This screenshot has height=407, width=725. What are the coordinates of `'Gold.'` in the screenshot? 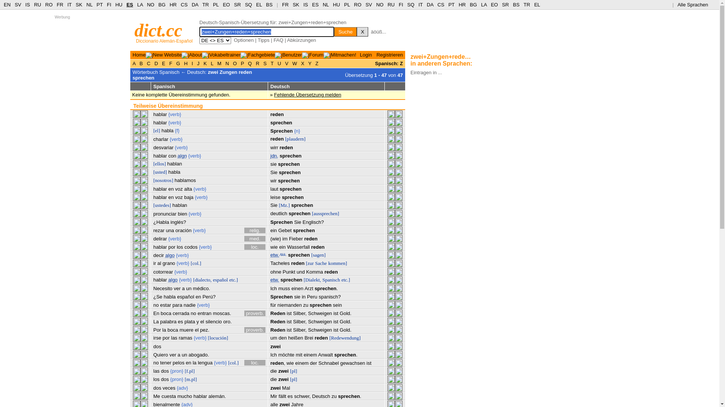 It's located at (345, 329).